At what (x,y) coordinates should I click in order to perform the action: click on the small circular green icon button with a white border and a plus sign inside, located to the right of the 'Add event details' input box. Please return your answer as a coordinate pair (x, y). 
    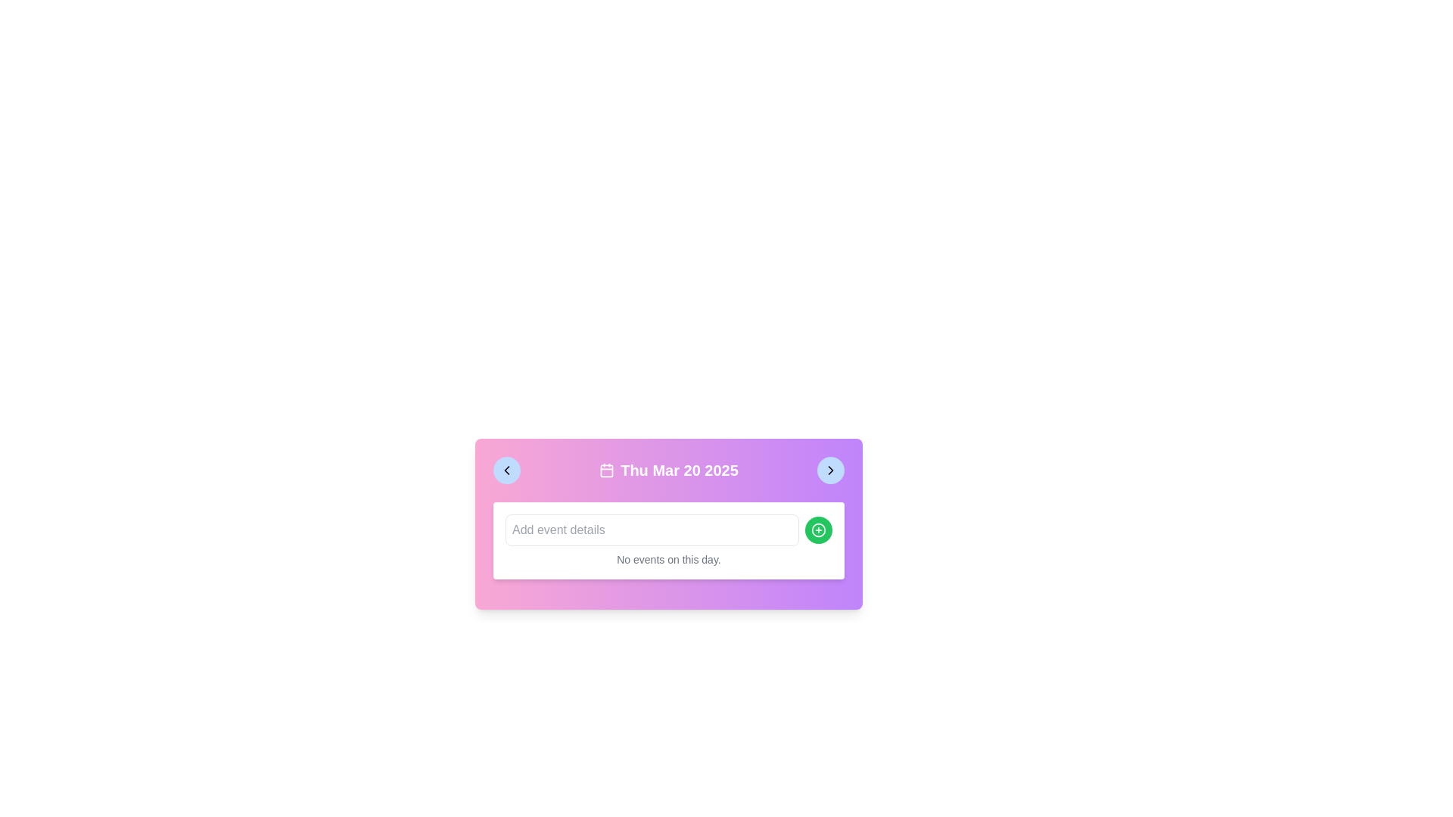
    Looking at the image, I should click on (817, 530).